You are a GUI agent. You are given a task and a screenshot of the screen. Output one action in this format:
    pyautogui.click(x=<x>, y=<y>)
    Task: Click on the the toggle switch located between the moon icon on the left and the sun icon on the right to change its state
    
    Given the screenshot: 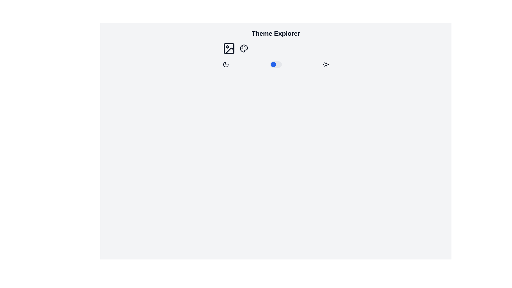 What is the action you would take?
    pyautogui.click(x=276, y=64)
    